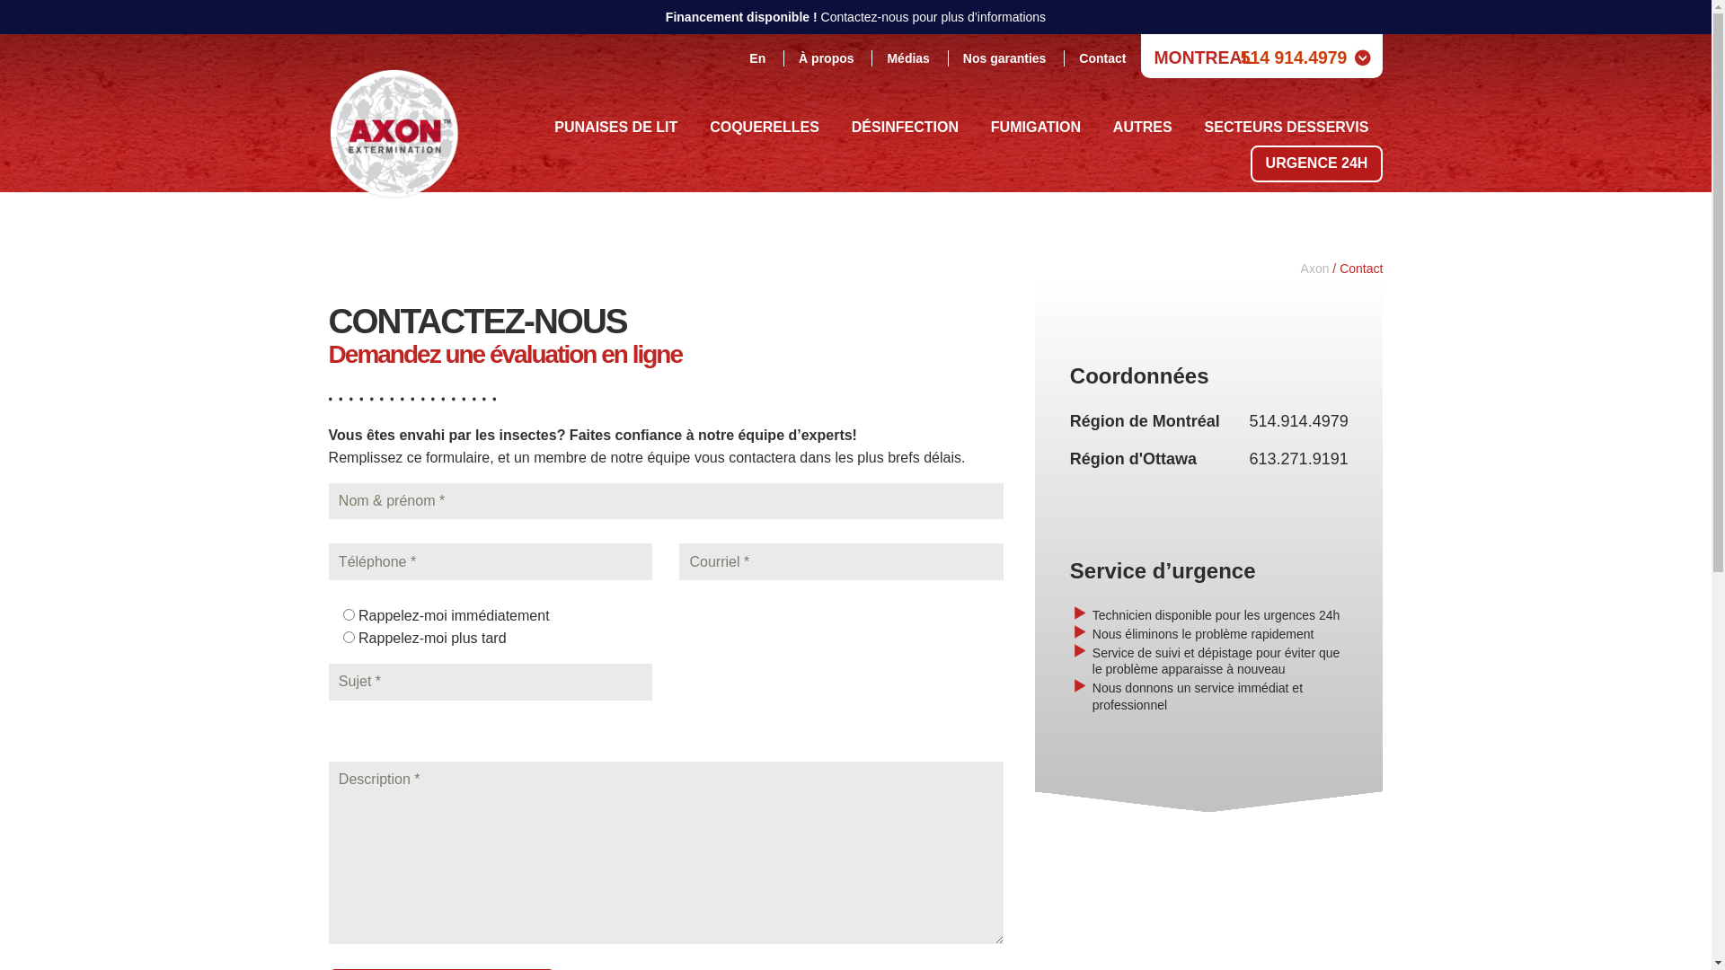 This screenshot has width=1725, height=970. What do you see at coordinates (1294, 57) in the screenshot?
I see `'514 914.4979'` at bounding box center [1294, 57].